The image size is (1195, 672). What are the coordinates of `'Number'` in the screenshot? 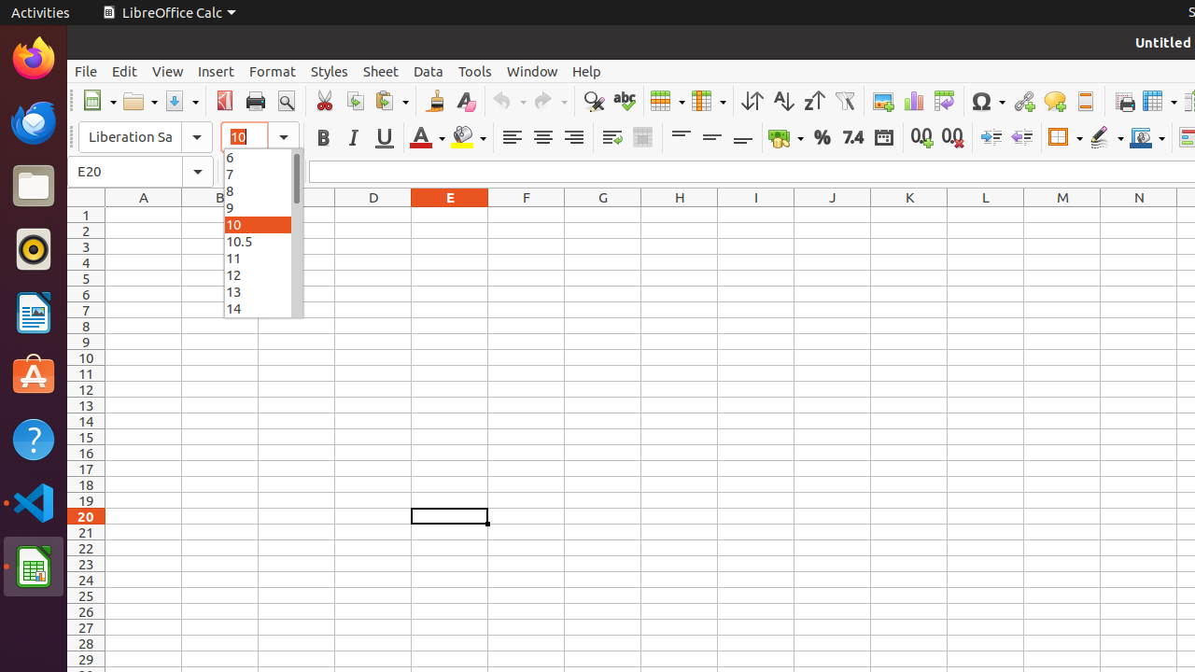 It's located at (851, 136).